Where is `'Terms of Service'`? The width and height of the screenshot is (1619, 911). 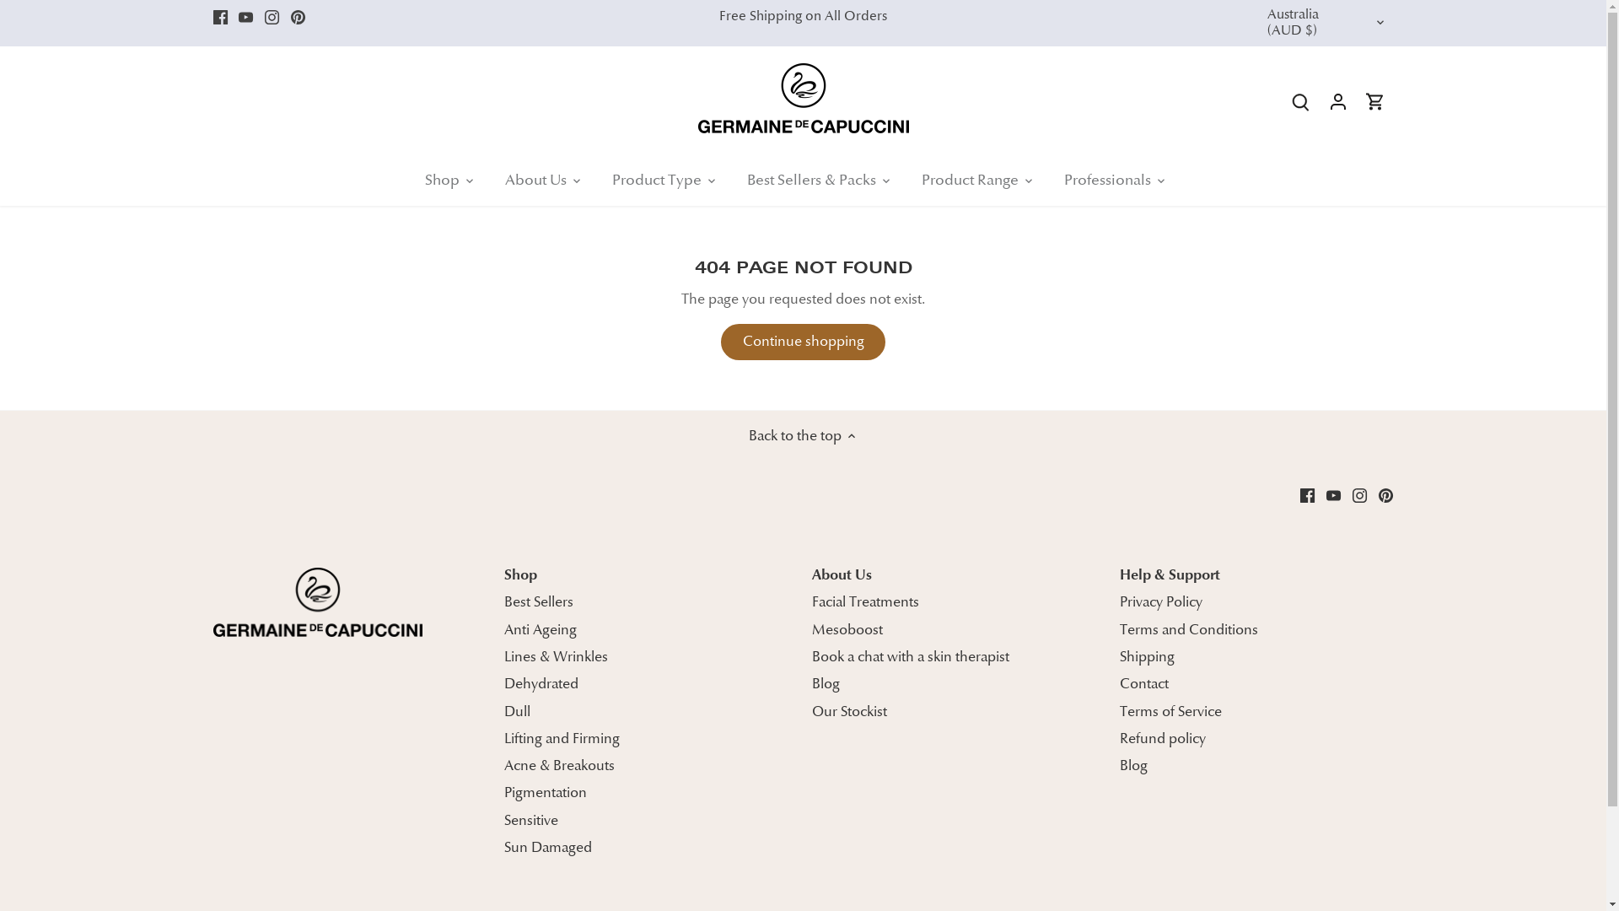 'Terms of Service' is located at coordinates (1120, 712).